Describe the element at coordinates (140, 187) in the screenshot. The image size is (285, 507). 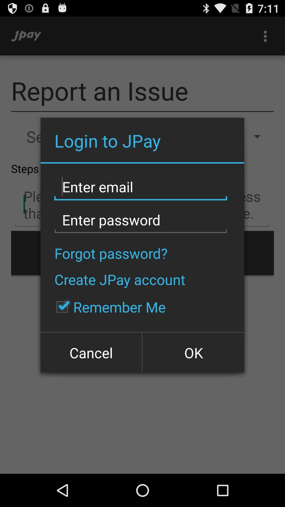
I see `creat` at that location.